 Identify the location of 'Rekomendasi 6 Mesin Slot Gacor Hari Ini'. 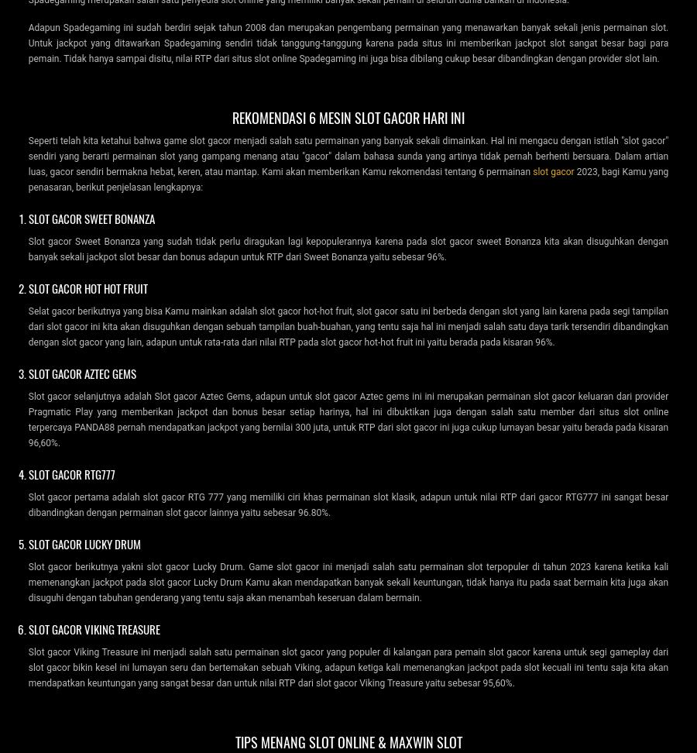
(348, 116).